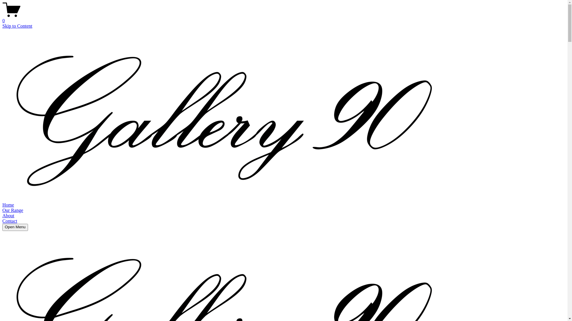 The height and width of the screenshot is (321, 572). What do you see at coordinates (17, 26) in the screenshot?
I see `'Skip to Content'` at bounding box center [17, 26].